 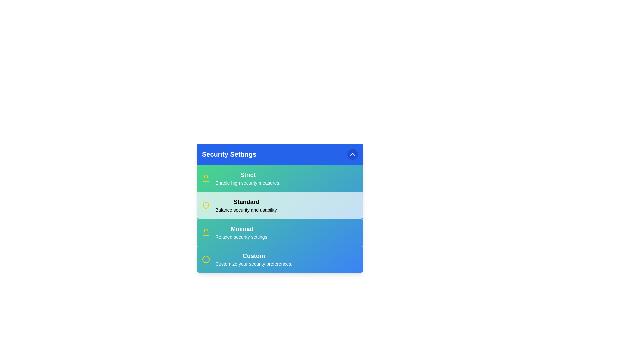 What do you see at coordinates (246, 201) in the screenshot?
I see `the security option Standard to read its description` at bounding box center [246, 201].